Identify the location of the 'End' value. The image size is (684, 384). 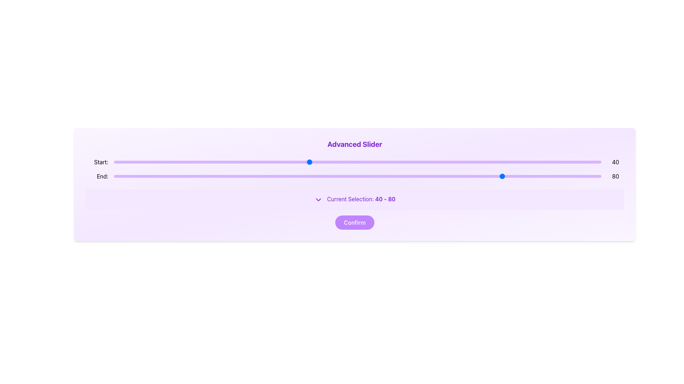
(406, 176).